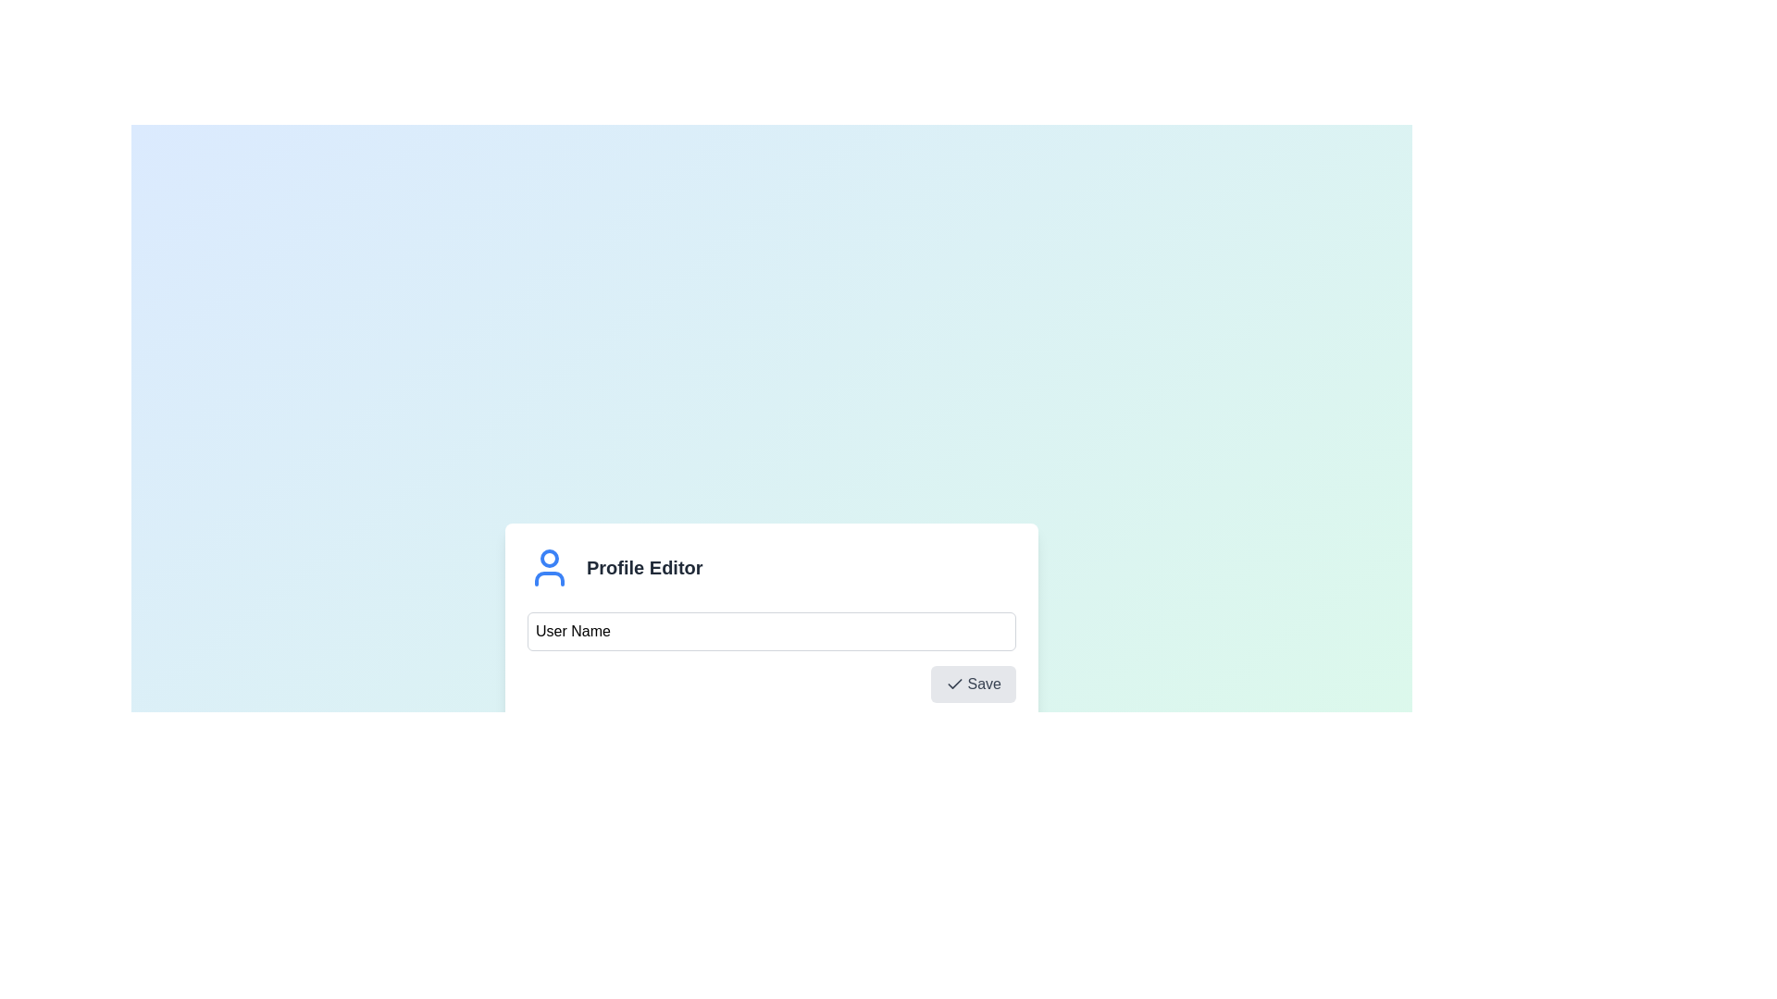 The image size is (1777, 999). I want to click on the 'Save' text label within the button that has a checkmark icon, displayed in bold, dark gray font on a light gray background, so click(983, 684).